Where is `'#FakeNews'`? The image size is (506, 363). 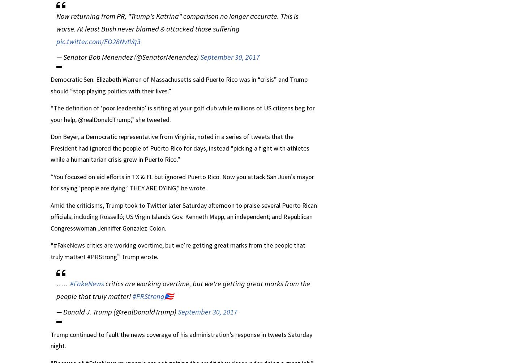
'#FakeNews' is located at coordinates (87, 283).